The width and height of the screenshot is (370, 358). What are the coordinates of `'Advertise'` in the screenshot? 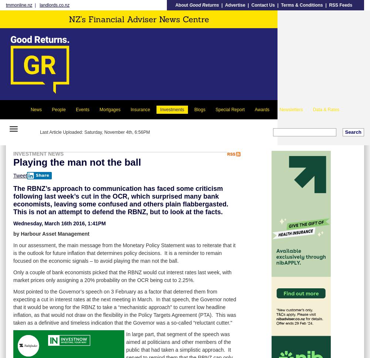 It's located at (235, 5).